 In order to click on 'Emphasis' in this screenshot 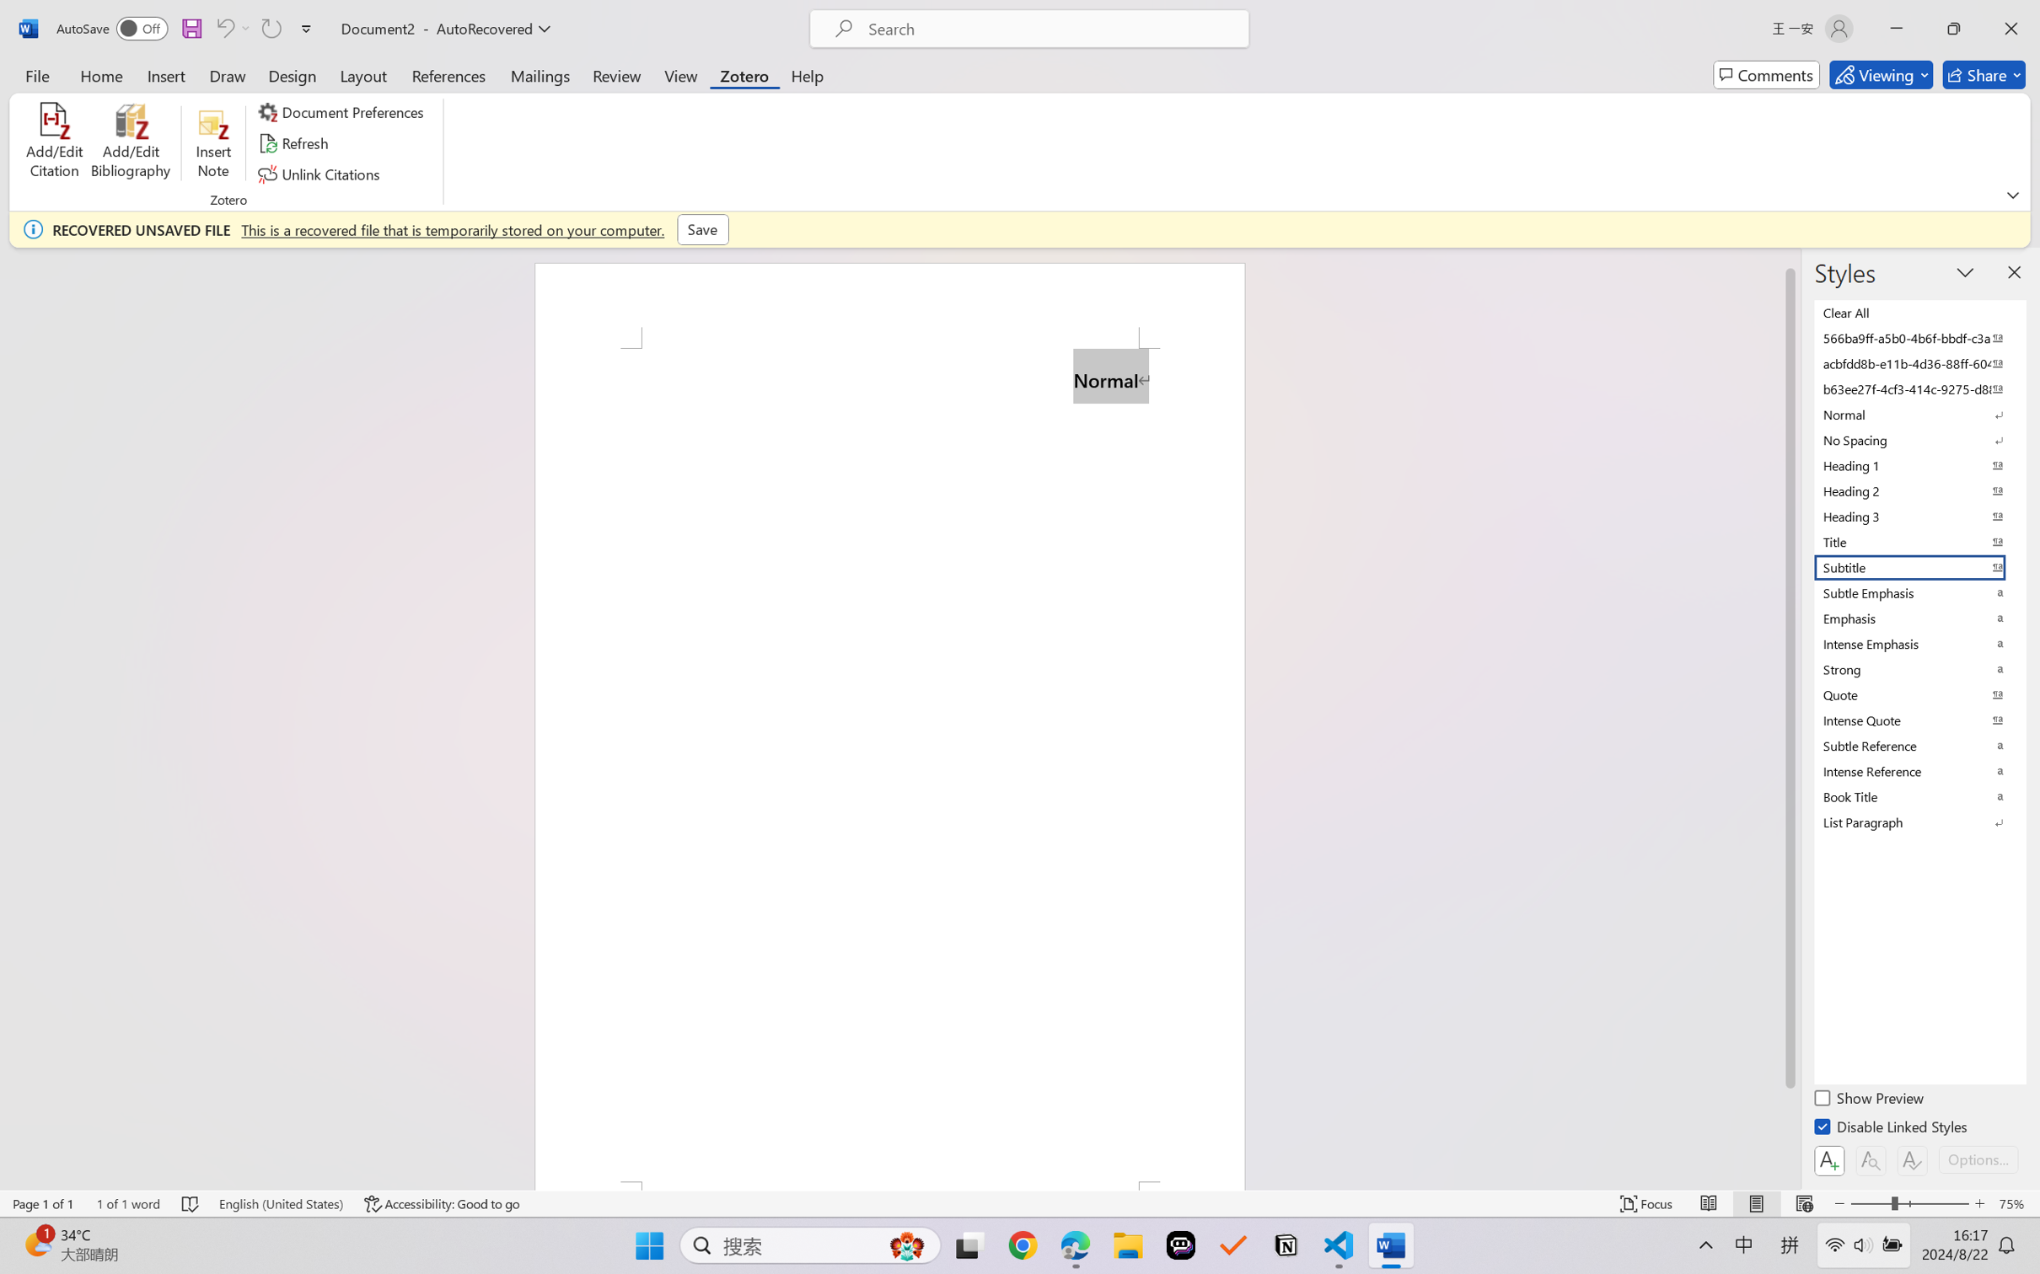, I will do `click(1918, 618)`.